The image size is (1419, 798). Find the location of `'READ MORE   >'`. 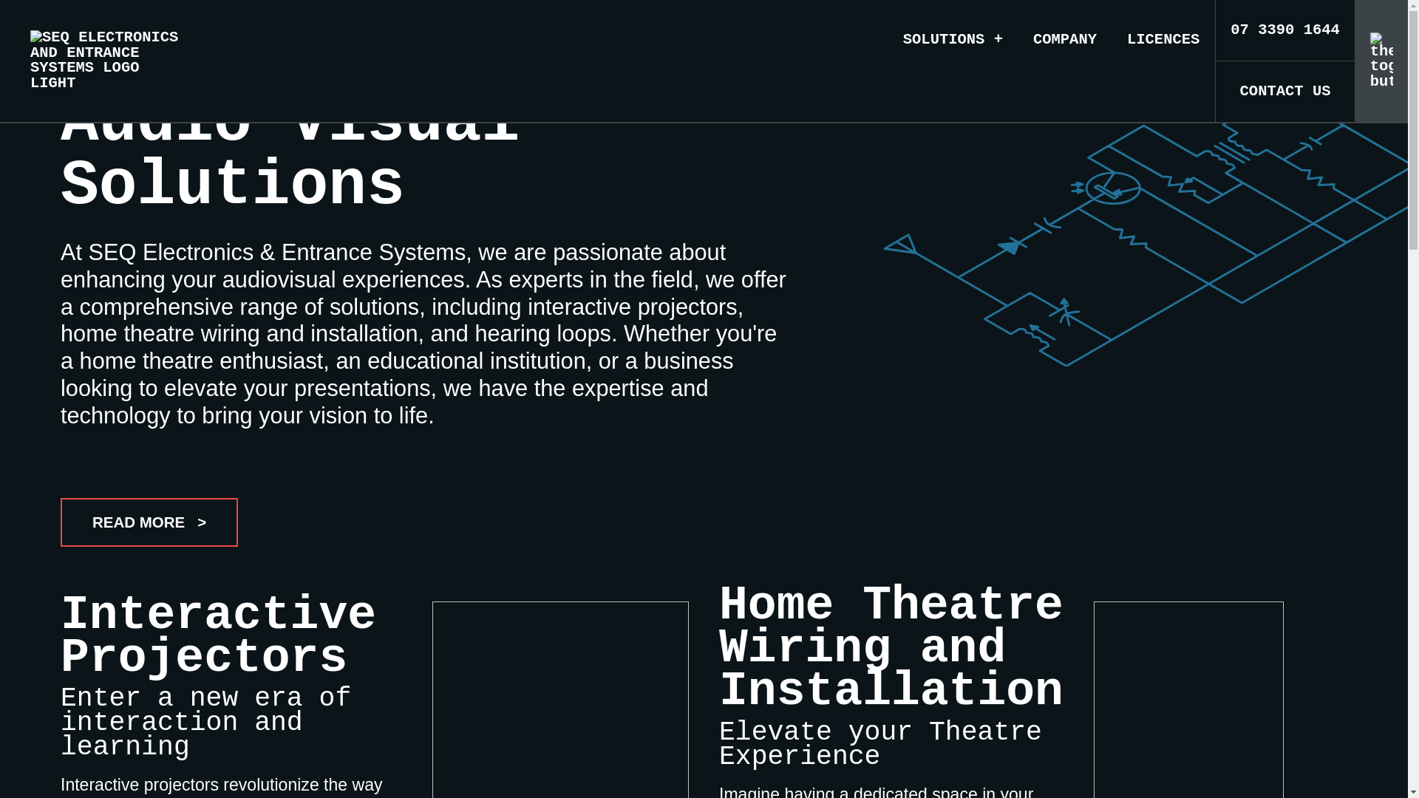

'READ MORE   >' is located at coordinates (149, 521).